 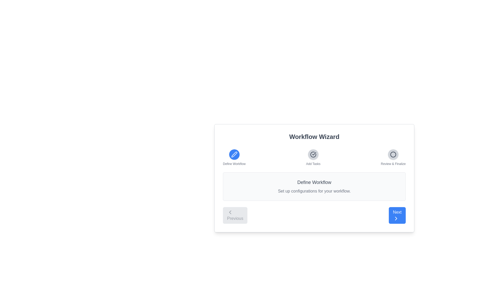 What do you see at coordinates (314, 186) in the screenshot?
I see `the Information Card with the header 'Define Workflow' and subtext 'Set up configurations for your workflow.' which is located below the row of three circular icons in the Workflow Wizard interface` at bounding box center [314, 186].